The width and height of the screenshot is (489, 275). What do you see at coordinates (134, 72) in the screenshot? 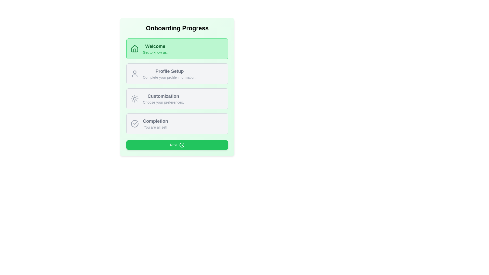
I see `the Circle SVG shape representing the head of the user in the user icon, typically used in profile-related contexts` at bounding box center [134, 72].